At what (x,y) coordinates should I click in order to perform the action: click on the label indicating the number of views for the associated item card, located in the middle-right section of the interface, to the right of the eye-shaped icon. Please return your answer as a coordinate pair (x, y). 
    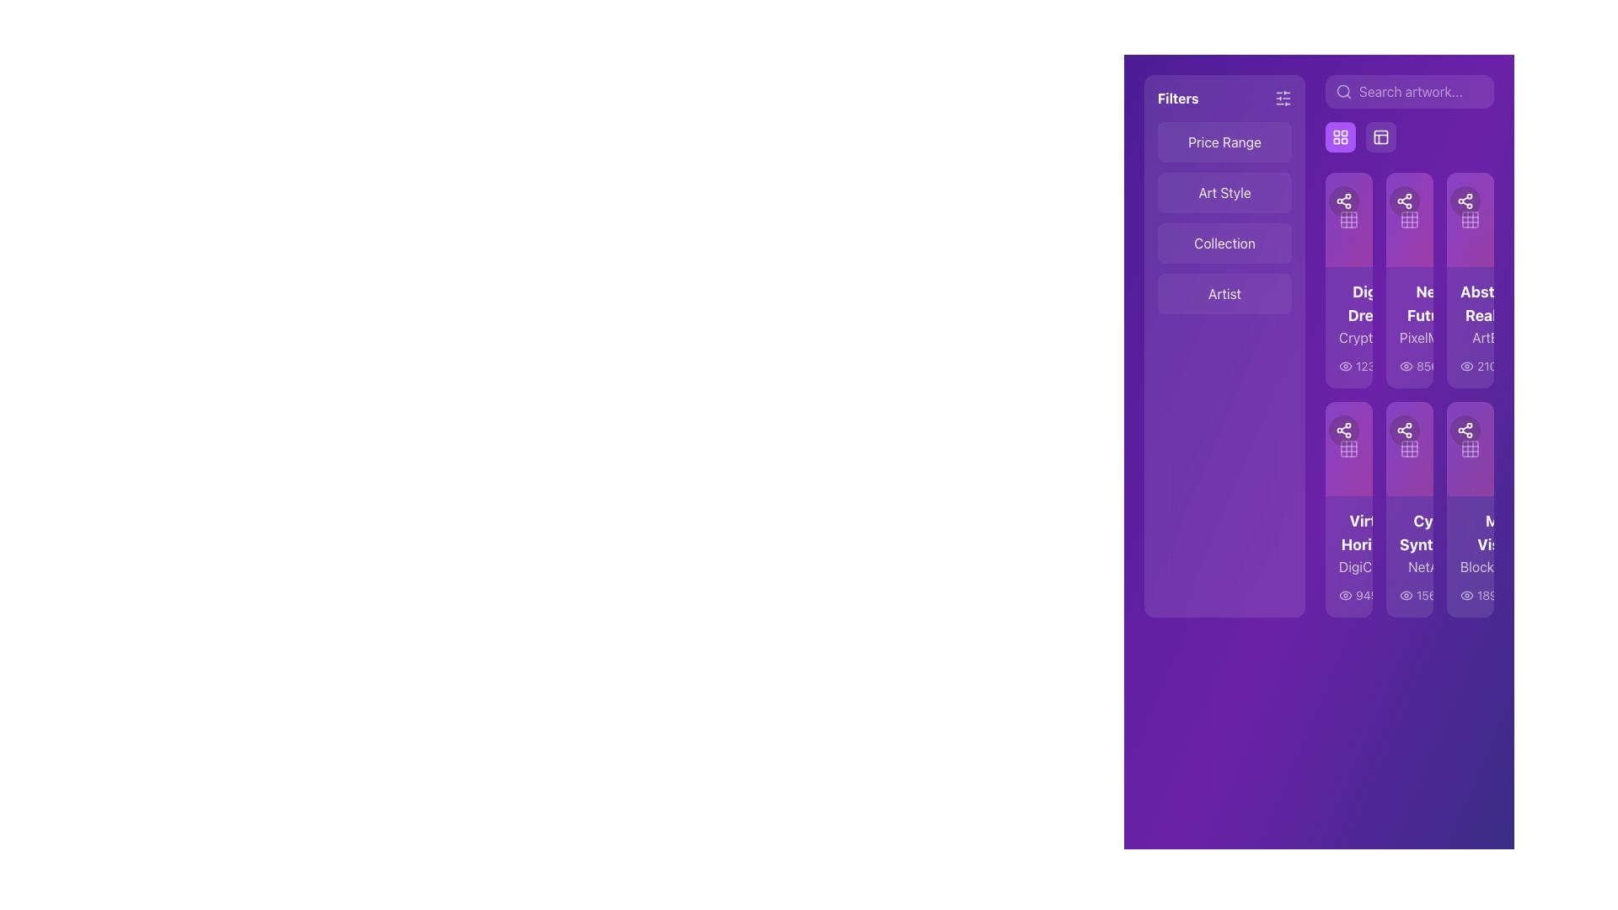
    Looking at the image, I should click on (1420, 594).